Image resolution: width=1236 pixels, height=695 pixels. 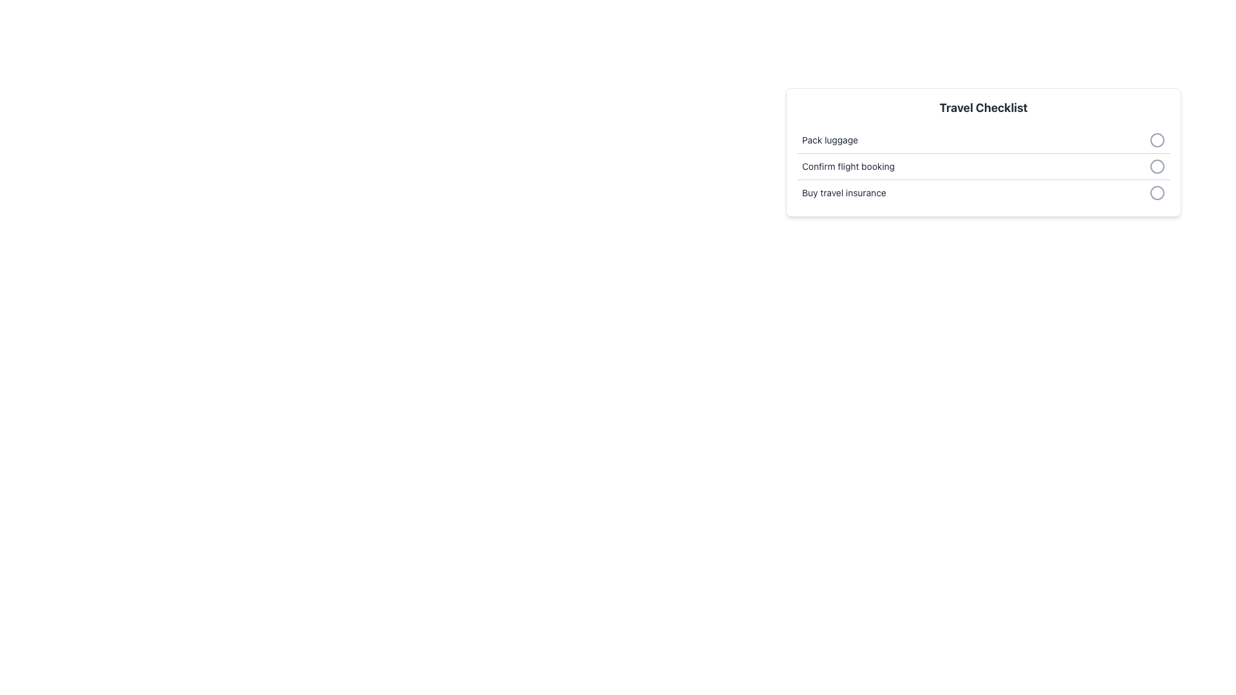 What do you see at coordinates (830, 140) in the screenshot?
I see `the text label for the first item in the travel checklist interface, which represents the task description for 'Confirm flight booking' and 'Buy travel insurance'` at bounding box center [830, 140].